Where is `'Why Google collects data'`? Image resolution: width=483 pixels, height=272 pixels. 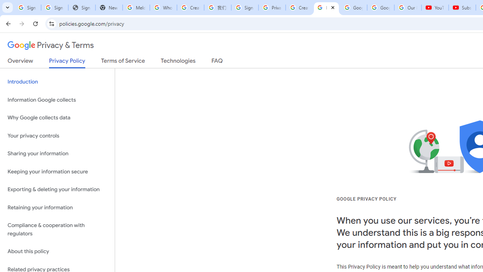
'Why Google collects data' is located at coordinates (57, 118).